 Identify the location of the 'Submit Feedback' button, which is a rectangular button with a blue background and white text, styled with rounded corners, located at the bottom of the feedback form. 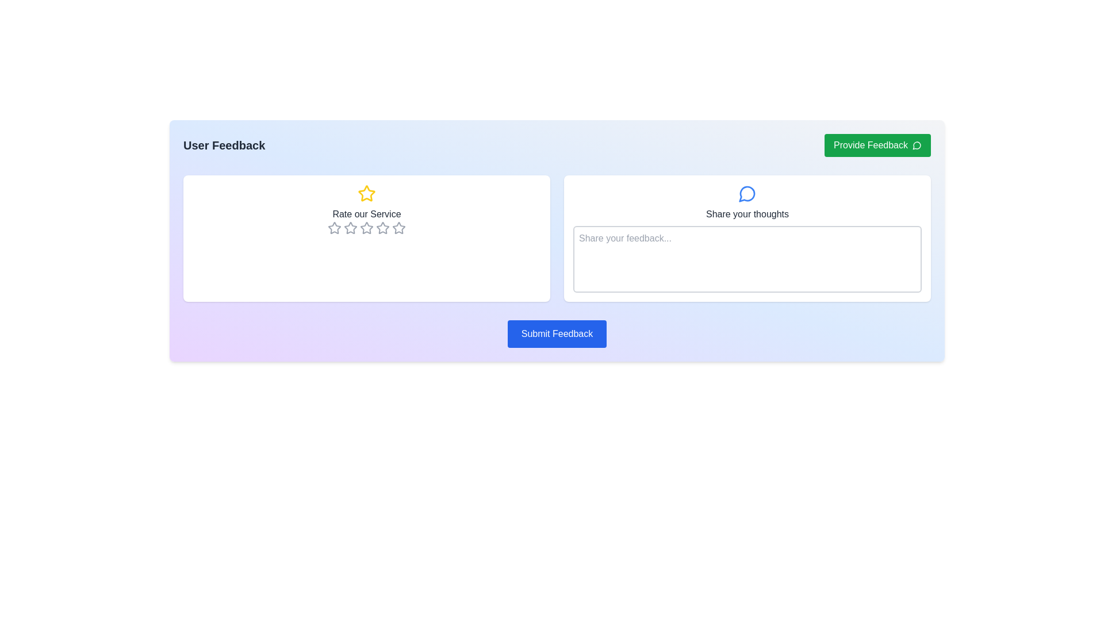
(557, 334).